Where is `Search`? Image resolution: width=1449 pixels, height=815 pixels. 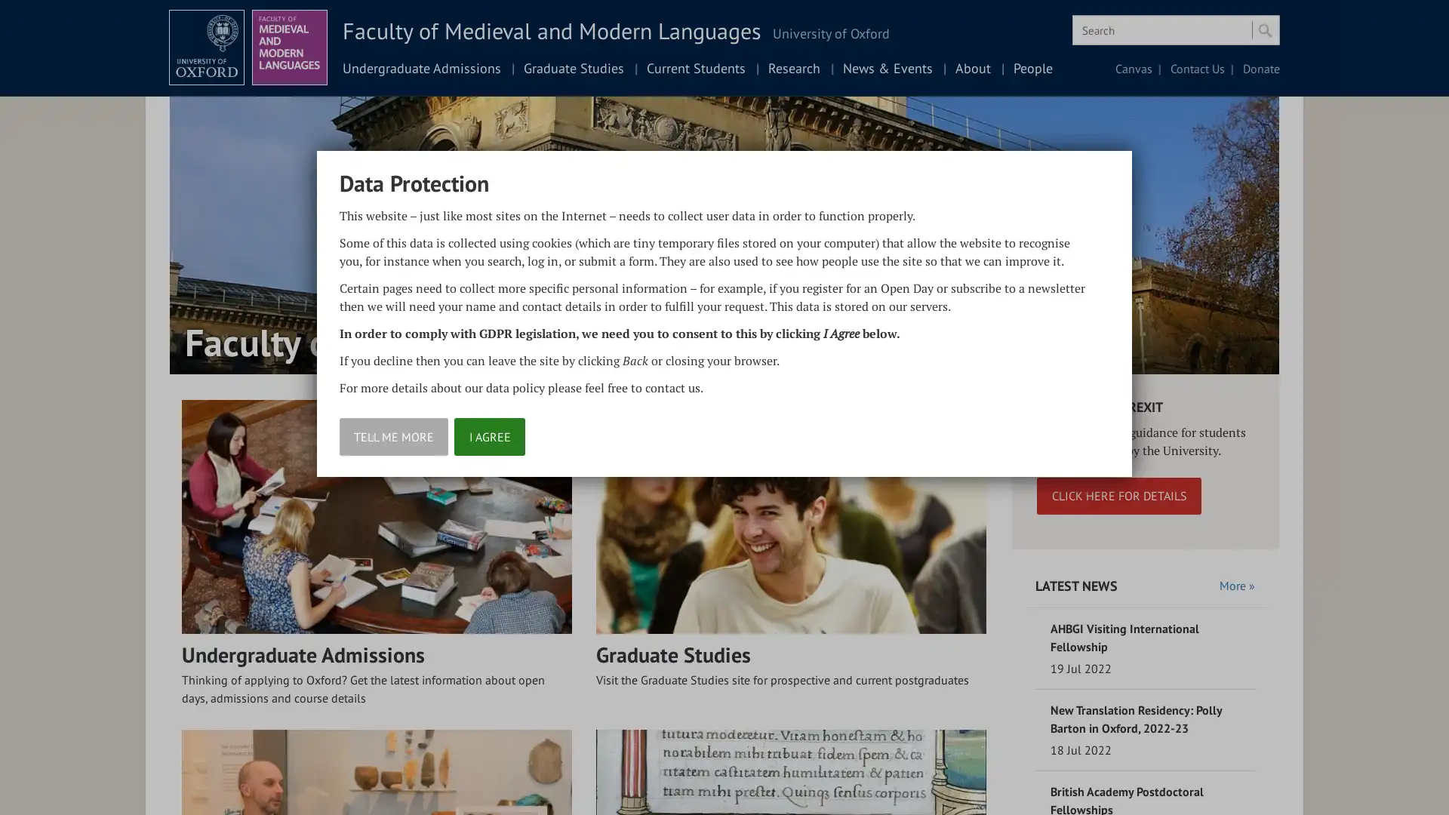 Search is located at coordinates (1265, 29).